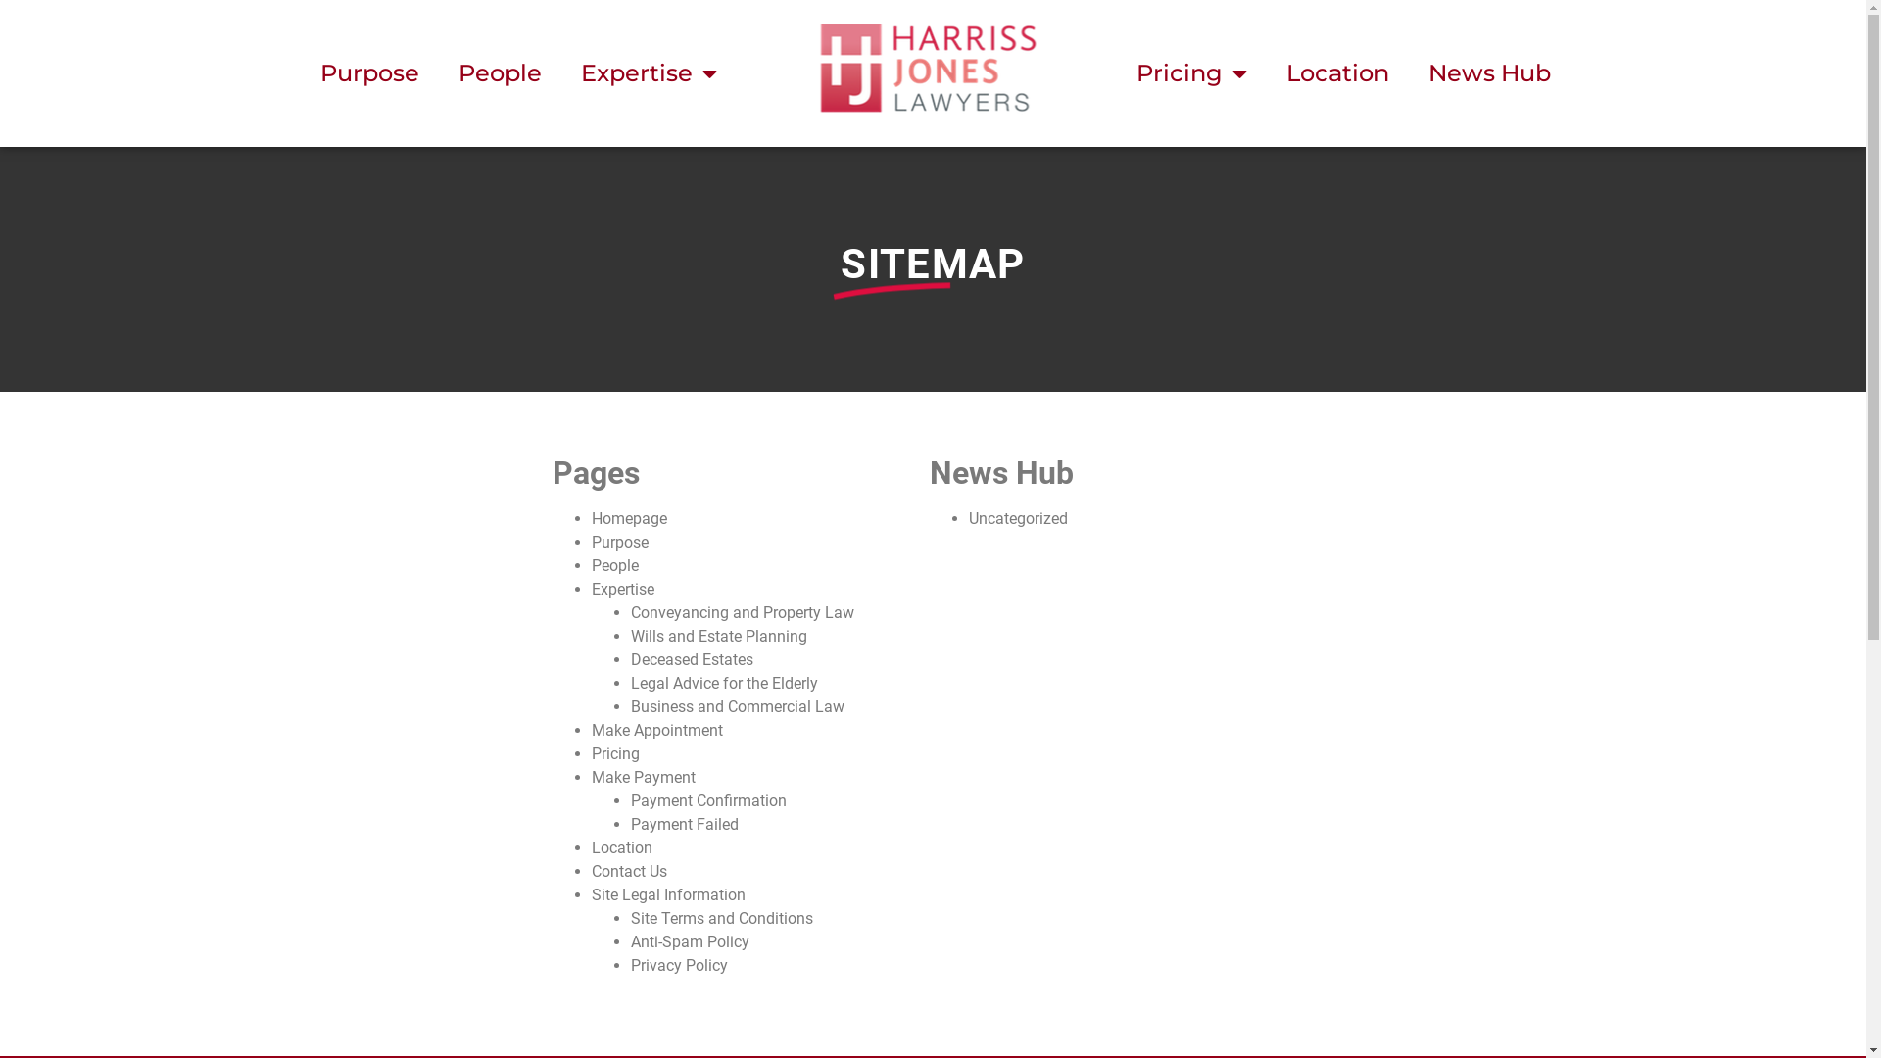 Image resolution: width=1881 pixels, height=1058 pixels. Describe the element at coordinates (692, 659) in the screenshot. I see `'Deceased Estates'` at that location.